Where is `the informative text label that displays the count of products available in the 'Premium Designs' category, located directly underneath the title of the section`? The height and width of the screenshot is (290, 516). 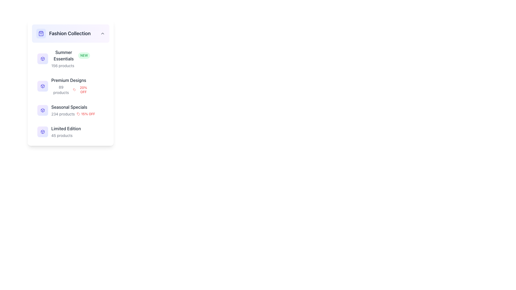
the informative text label that displays the count of products available in the 'Premium Designs' category, located directly underneath the title of the section is located at coordinates (61, 90).